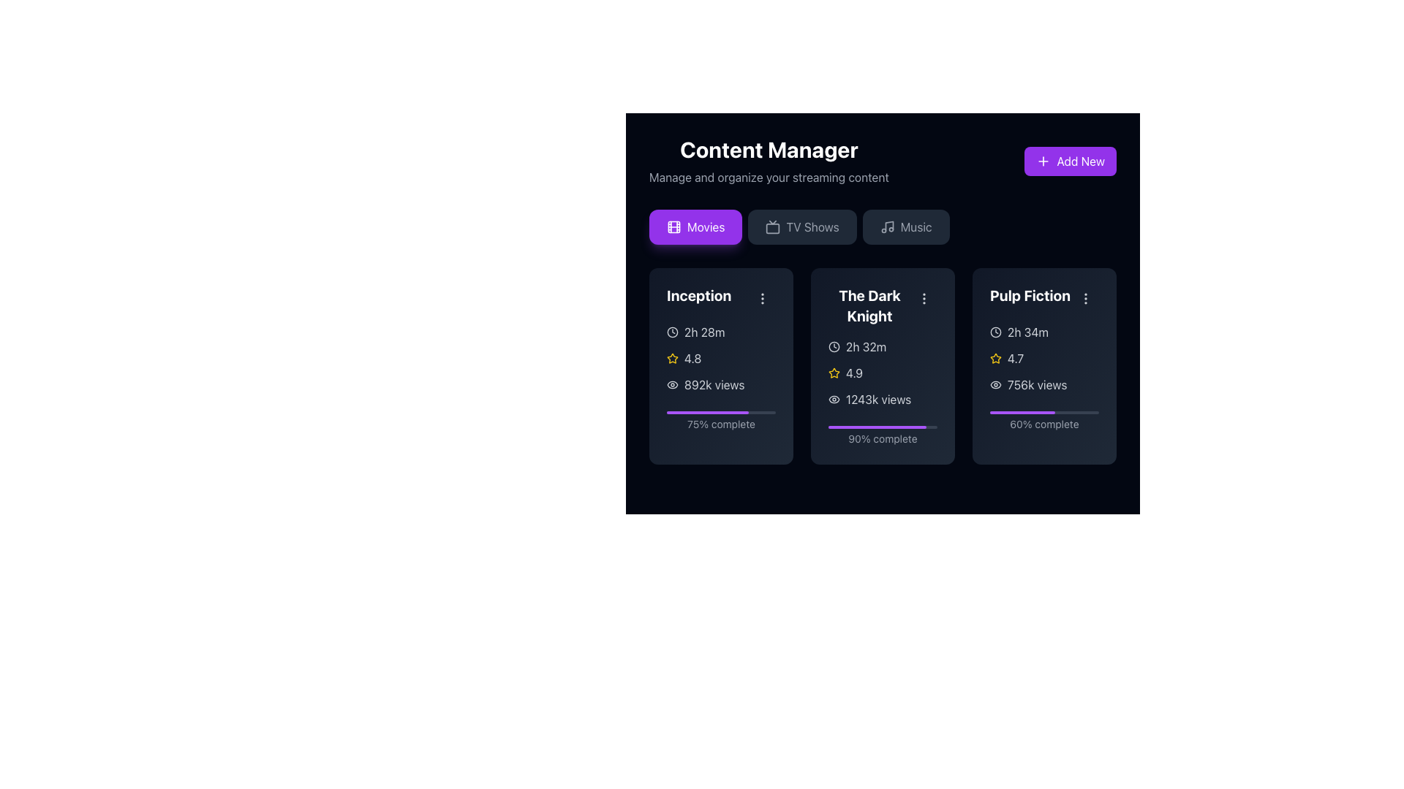 The height and width of the screenshot is (789, 1404). I want to click on the displayed information on the informational card section located in the 'Inception' card, specifically the duration, rating, and view count, so click(721, 358).